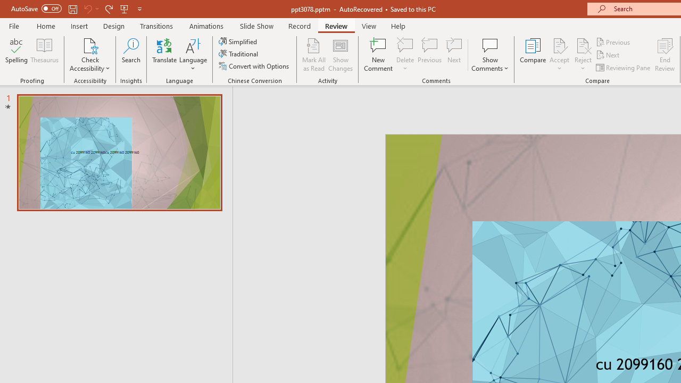 This screenshot has width=681, height=383. Describe the element at coordinates (378, 55) in the screenshot. I see `'New Comment'` at that location.